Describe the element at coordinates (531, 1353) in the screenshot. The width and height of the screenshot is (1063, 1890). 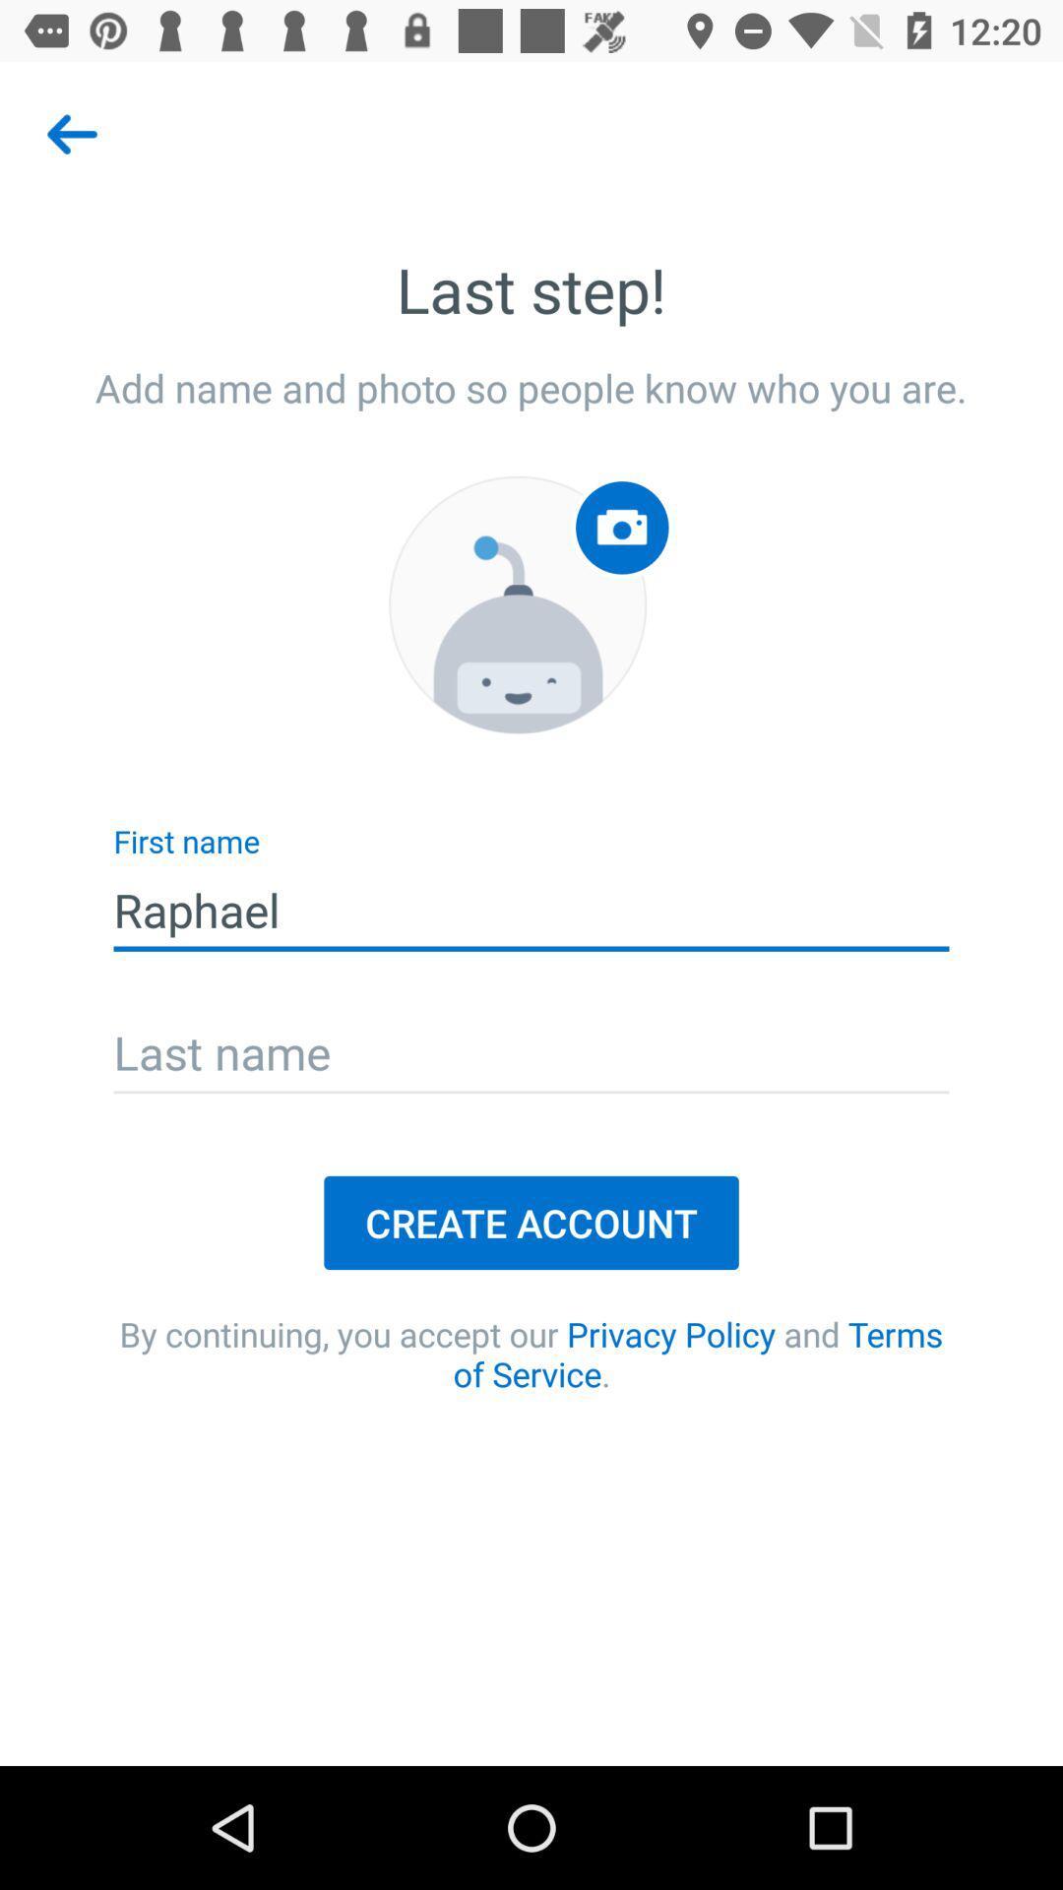
I see `the by continuing you item` at that location.